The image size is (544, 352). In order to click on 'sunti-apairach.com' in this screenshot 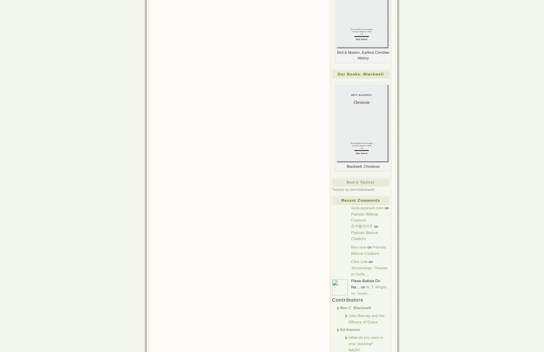, I will do `click(367, 207)`.